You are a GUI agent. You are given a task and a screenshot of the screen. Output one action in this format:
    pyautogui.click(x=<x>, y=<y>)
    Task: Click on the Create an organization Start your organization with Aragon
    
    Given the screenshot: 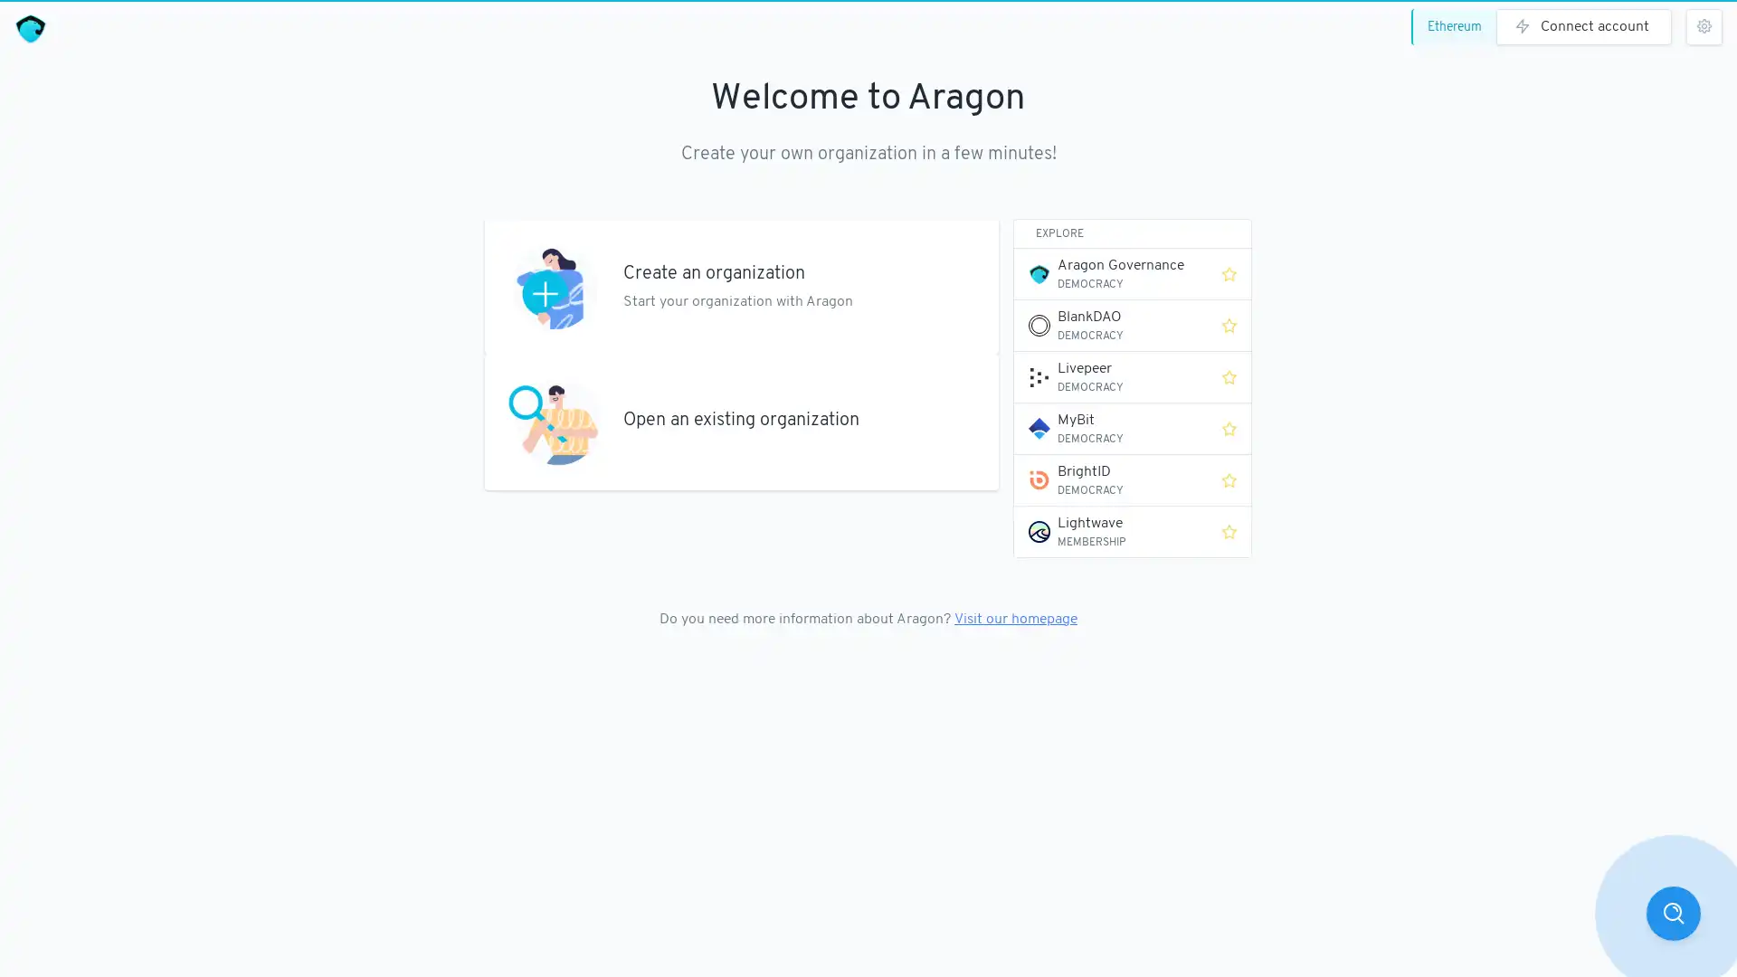 What is the action you would take?
    pyautogui.click(x=742, y=285)
    